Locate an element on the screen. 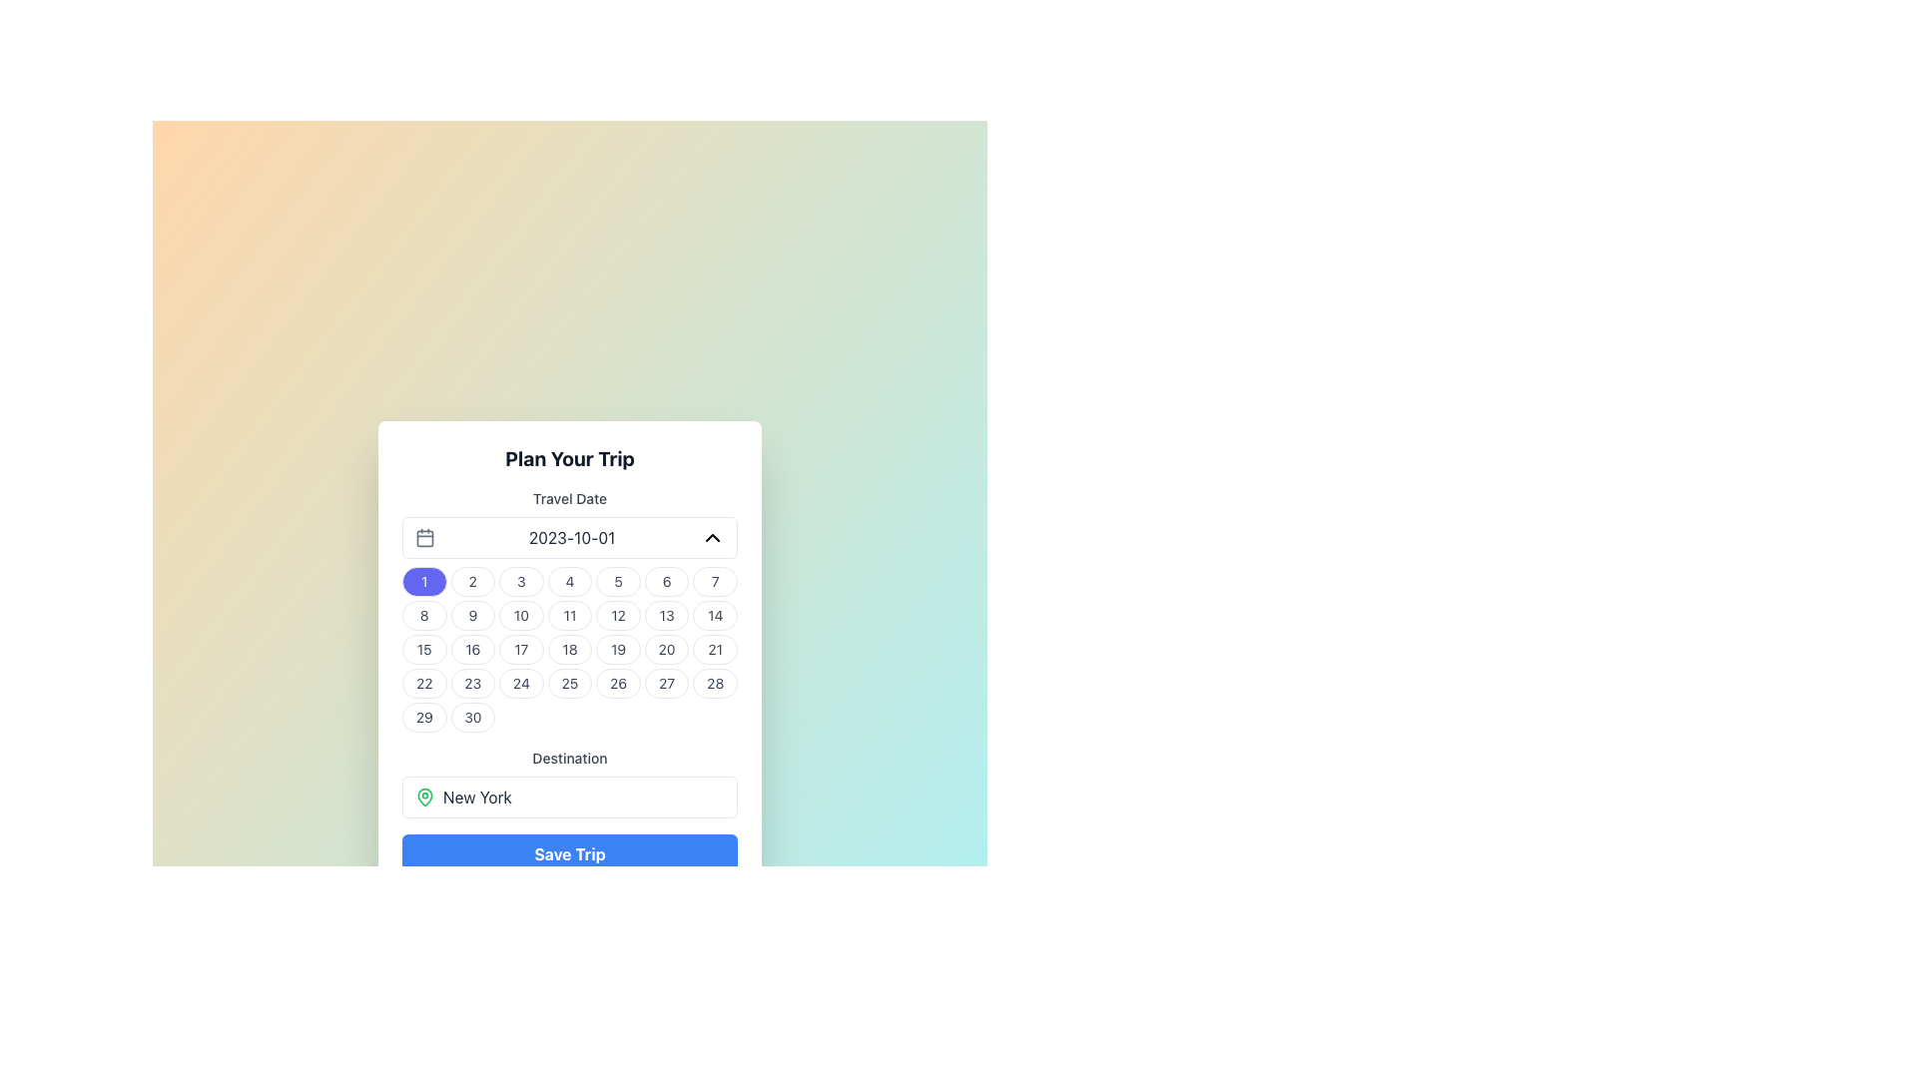 The height and width of the screenshot is (1078, 1917). the interactive calendar day button representing the second day of the month is located at coordinates (471, 581).